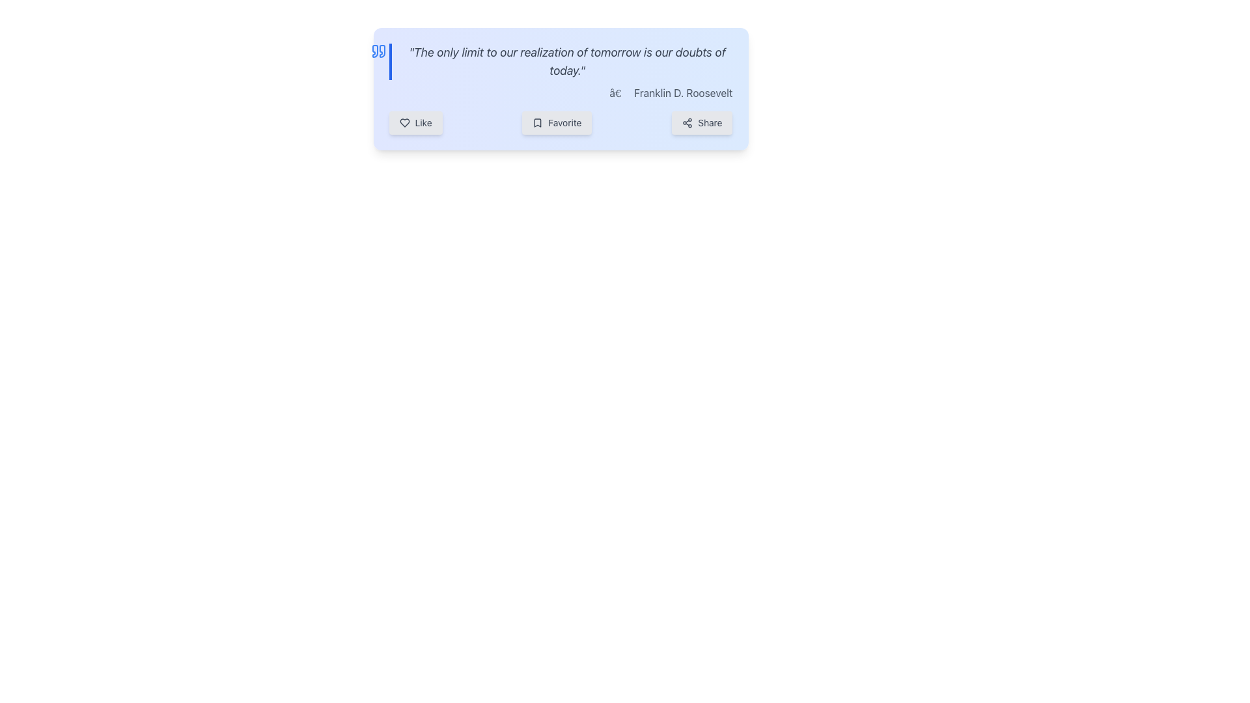  What do you see at coordinates (374, 50) in the screenshot?
I see `the second blue quotation mark located on the left edge of the quote box, positioned below the first mark` at bounding box center [374, 50].